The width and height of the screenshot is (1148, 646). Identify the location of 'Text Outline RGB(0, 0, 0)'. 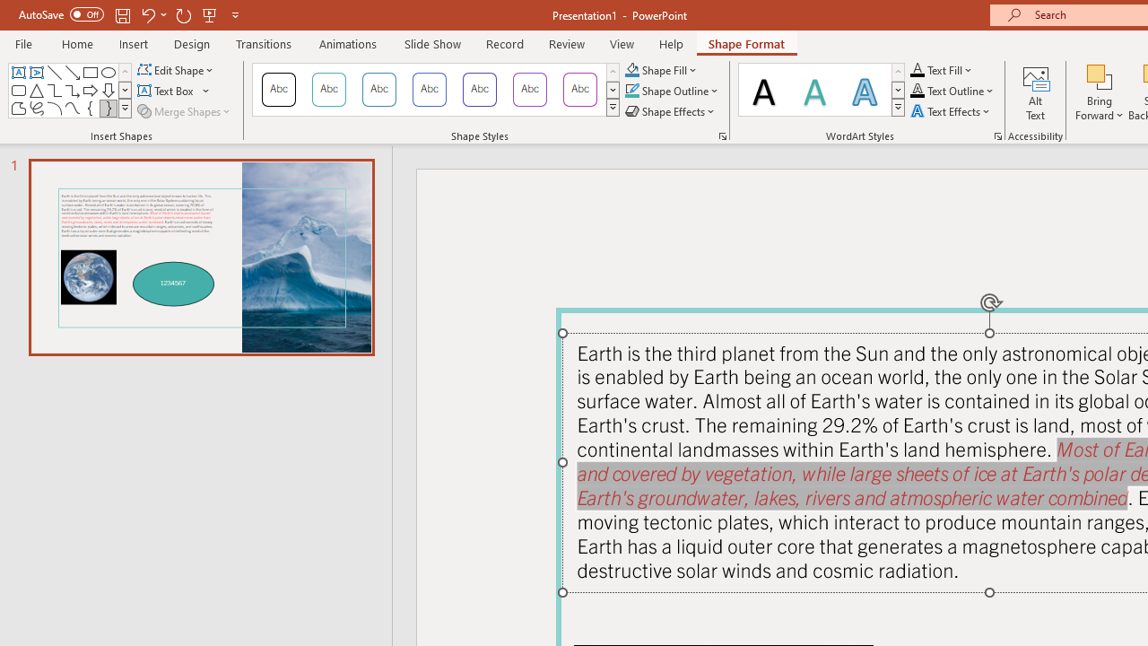
(918, 91).